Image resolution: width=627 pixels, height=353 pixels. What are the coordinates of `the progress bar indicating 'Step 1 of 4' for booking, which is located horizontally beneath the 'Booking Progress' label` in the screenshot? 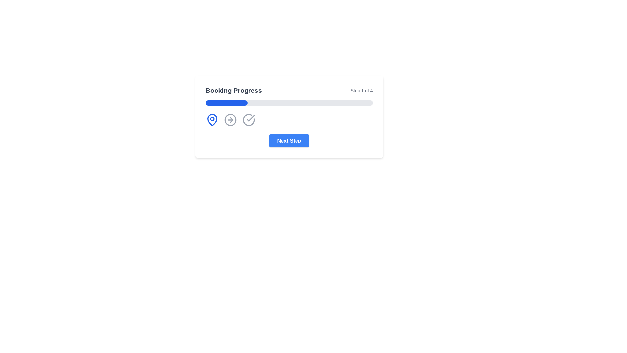 It's located at (289, 103).